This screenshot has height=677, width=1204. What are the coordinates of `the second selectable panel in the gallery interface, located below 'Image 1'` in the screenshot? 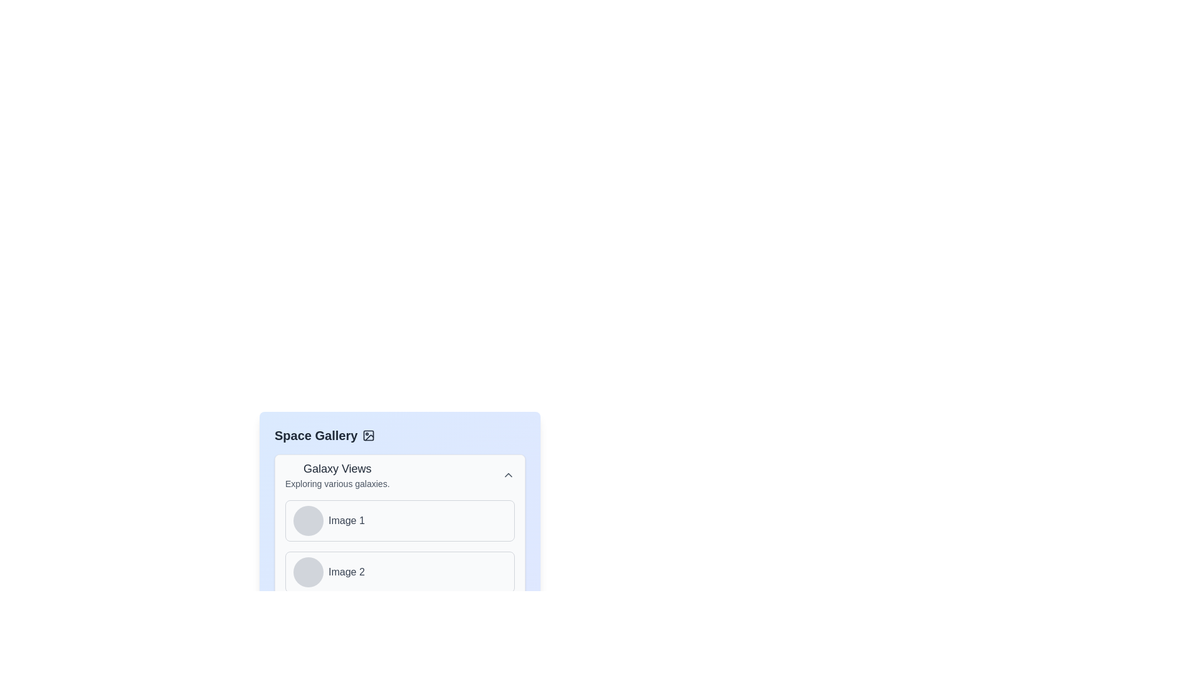 It's located at (399, 572).